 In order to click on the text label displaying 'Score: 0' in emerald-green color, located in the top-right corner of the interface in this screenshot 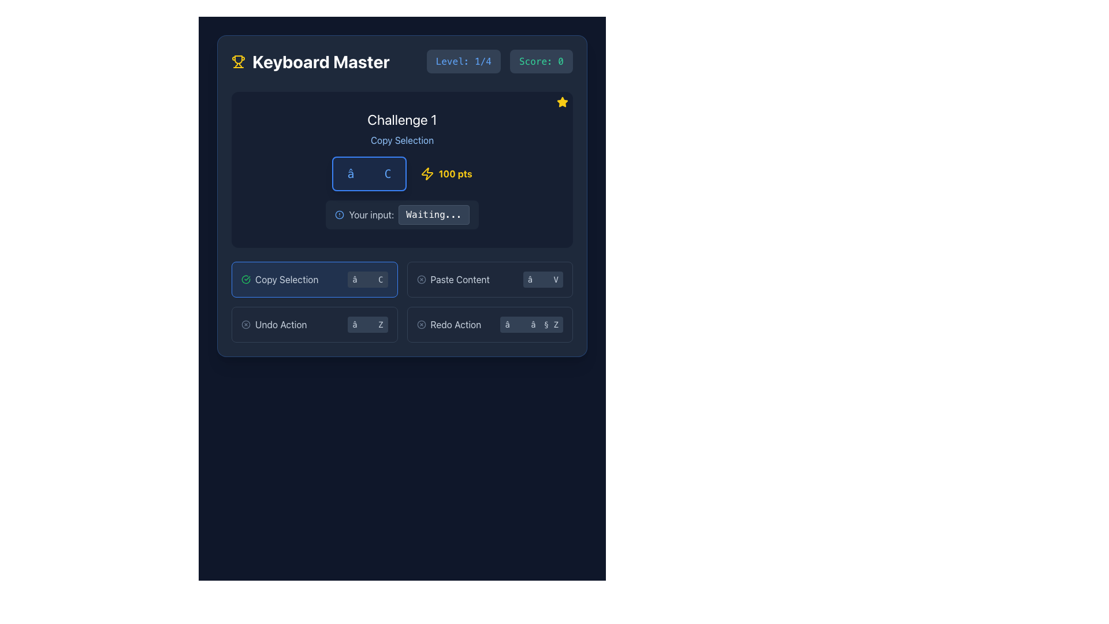, I will do `click(541, 61)`.